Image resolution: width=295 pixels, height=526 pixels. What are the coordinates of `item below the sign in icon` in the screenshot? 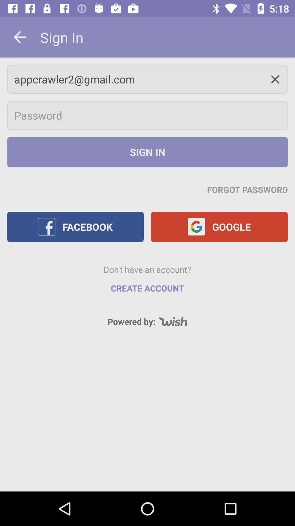 It's located at (247, 189).